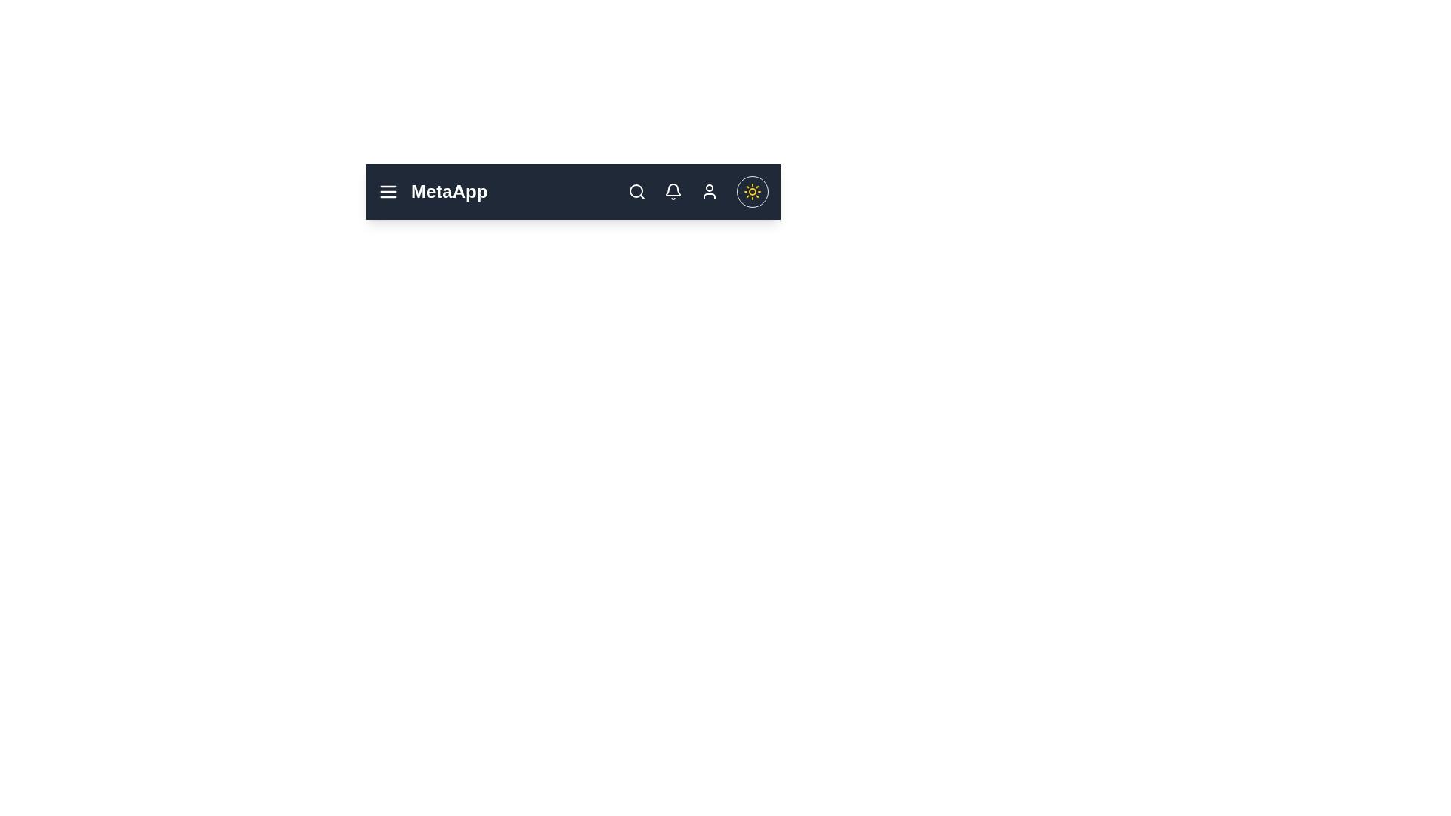 Image resolution: width=1451 pixels, height=816 pixels. Describe the element at coordinates (709, 191) in the screenshot. I see `the user icon to access user settings or profile` at that location.